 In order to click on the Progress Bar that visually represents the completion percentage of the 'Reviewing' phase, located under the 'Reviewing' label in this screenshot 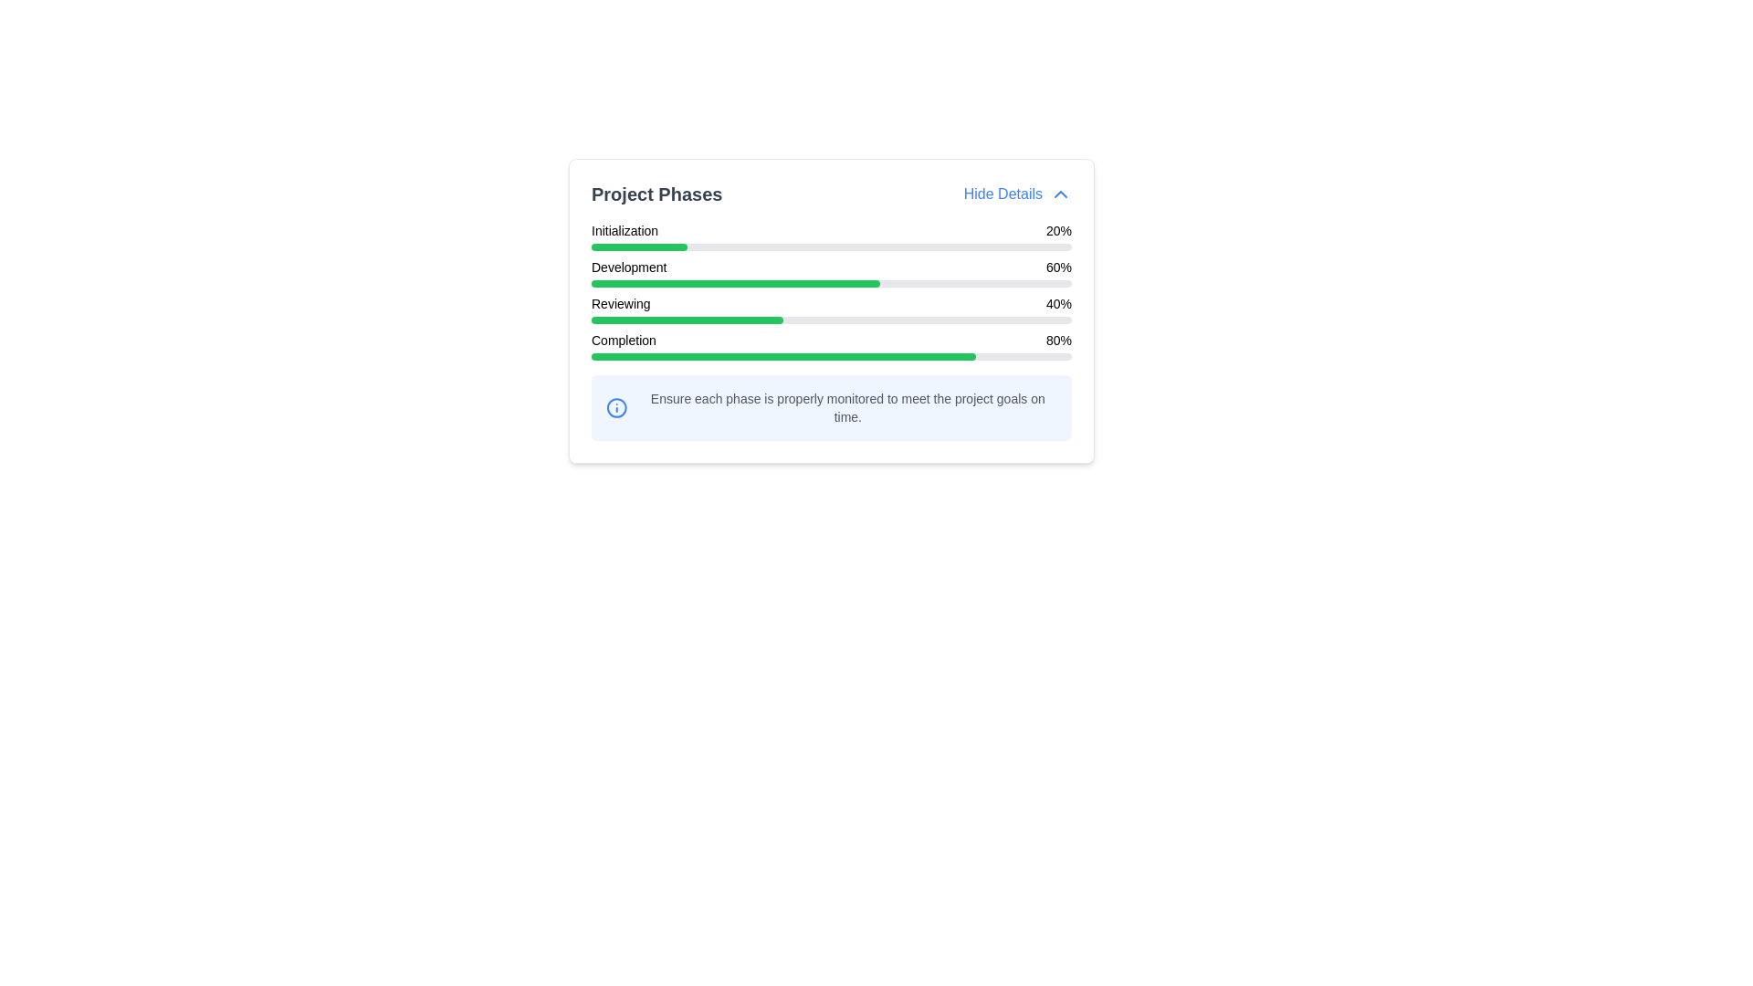, I will do `click(687, 320)`.